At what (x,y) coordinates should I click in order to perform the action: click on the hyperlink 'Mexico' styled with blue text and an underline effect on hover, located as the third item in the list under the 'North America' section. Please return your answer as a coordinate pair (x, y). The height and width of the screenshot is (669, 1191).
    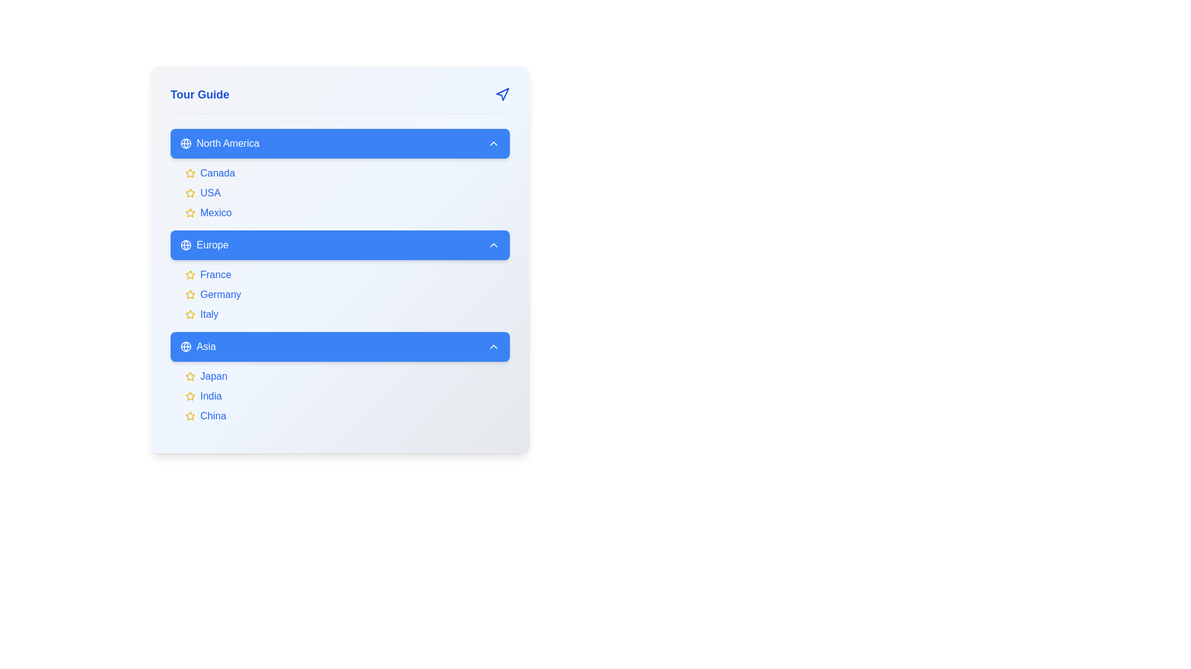
    Looking at the image, I should click on (216, 212).